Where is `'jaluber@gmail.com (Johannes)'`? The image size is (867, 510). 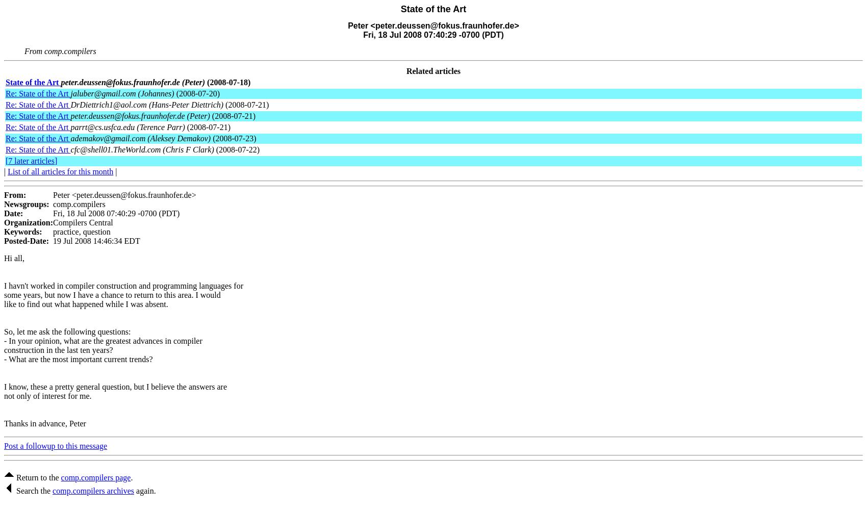
'jaluber@gmail.com (Johannes)' is located at coordinates (122, 93).